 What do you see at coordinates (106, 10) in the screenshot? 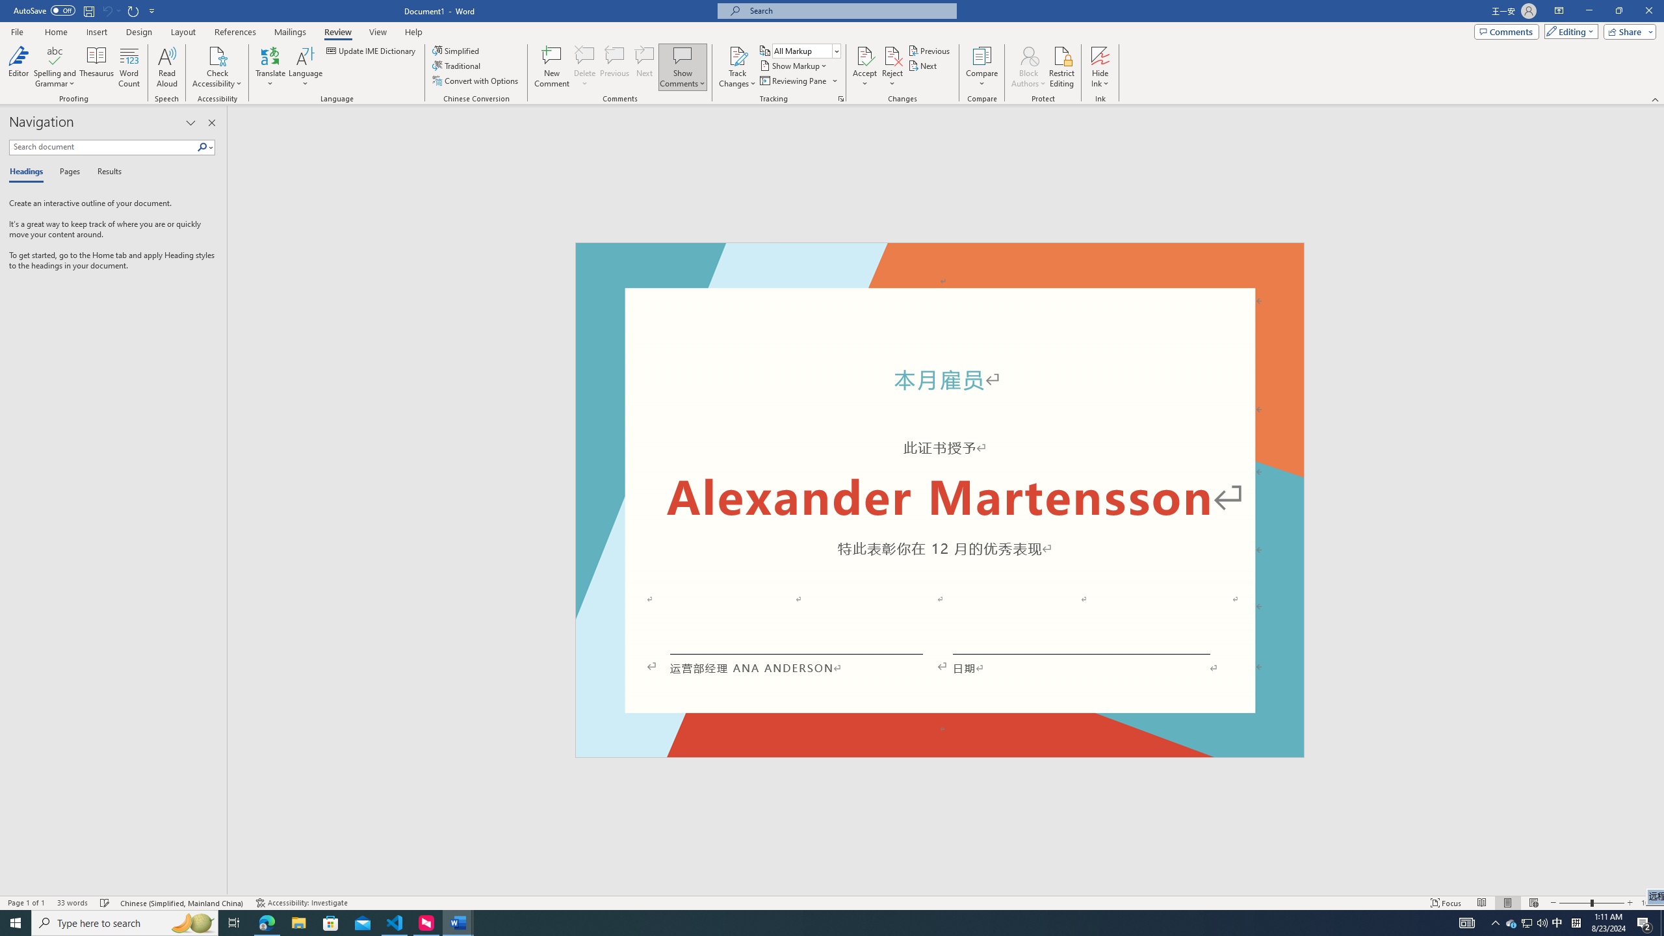
I see `'Can'` at bounding box center [106, 10].